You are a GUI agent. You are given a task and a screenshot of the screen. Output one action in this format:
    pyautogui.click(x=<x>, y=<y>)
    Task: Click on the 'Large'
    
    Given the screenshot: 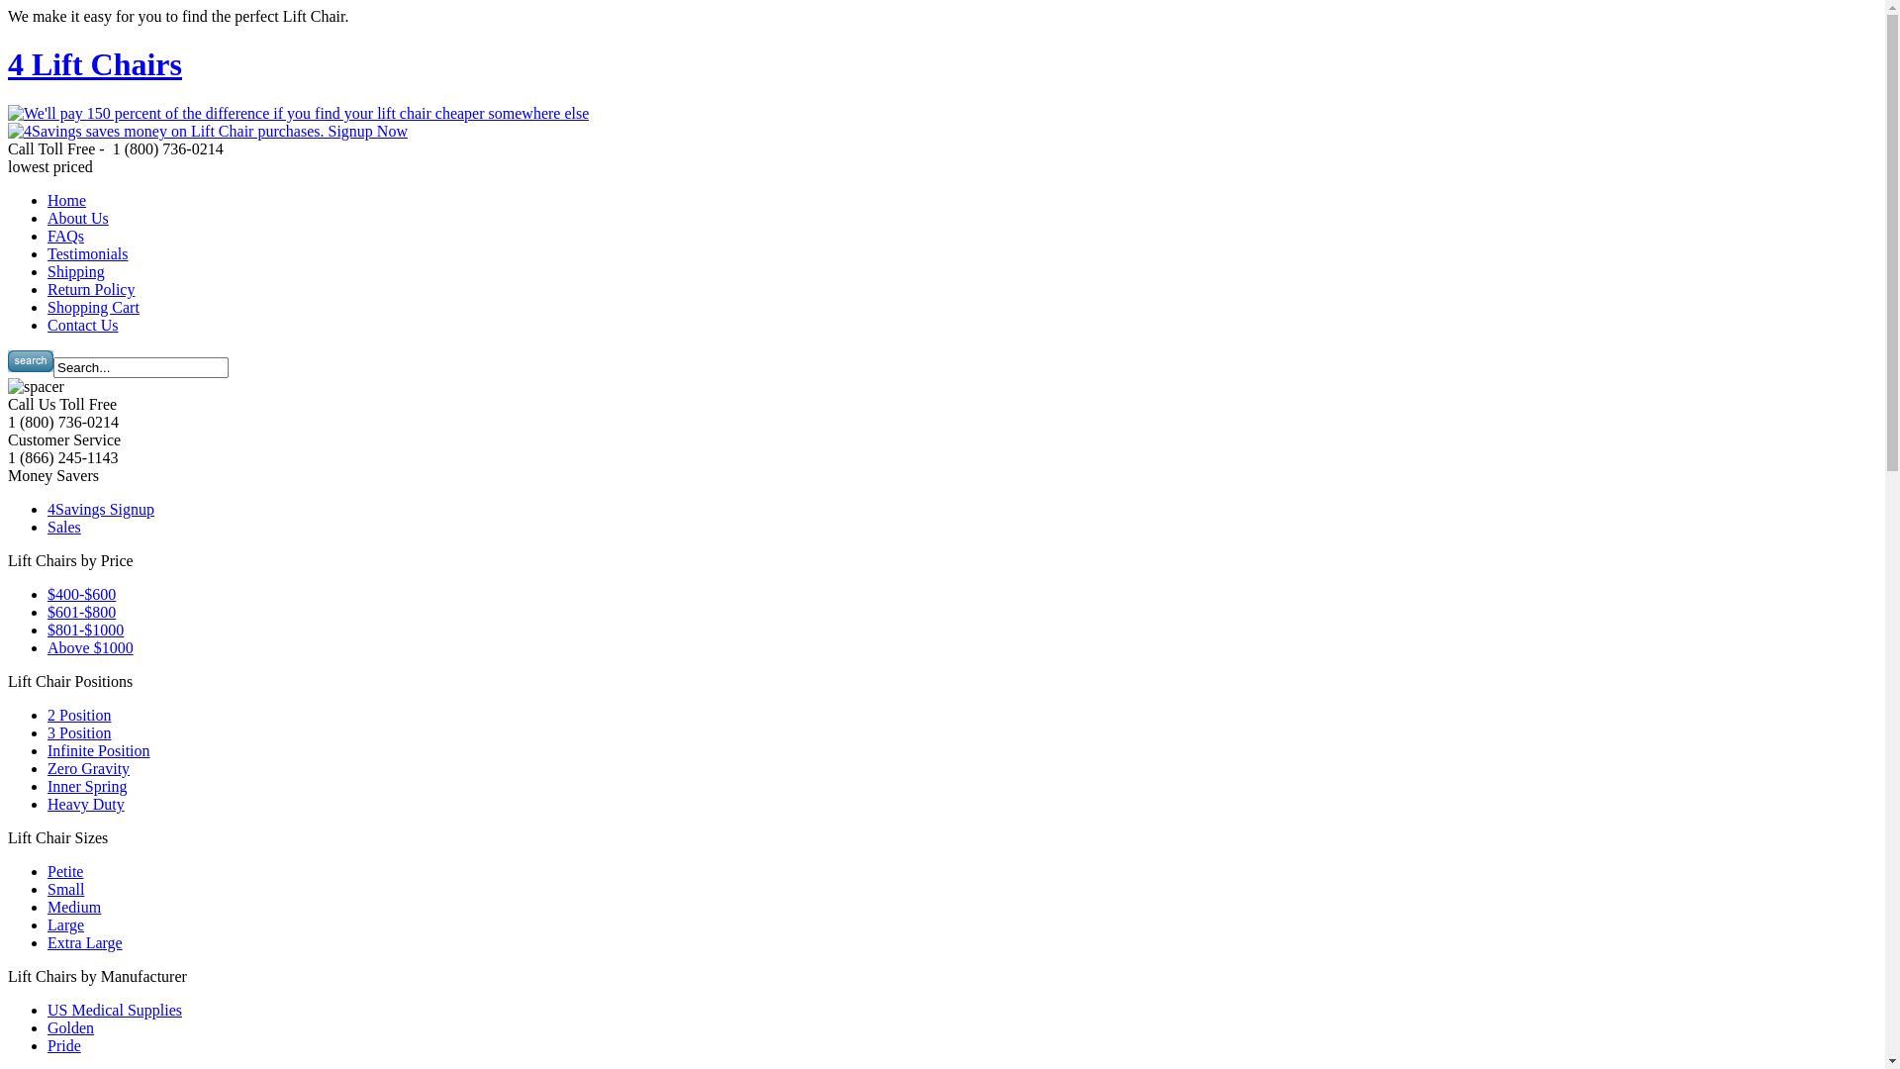 What is the action you would take?
    pyautogui.click(x=65, y=924)
    